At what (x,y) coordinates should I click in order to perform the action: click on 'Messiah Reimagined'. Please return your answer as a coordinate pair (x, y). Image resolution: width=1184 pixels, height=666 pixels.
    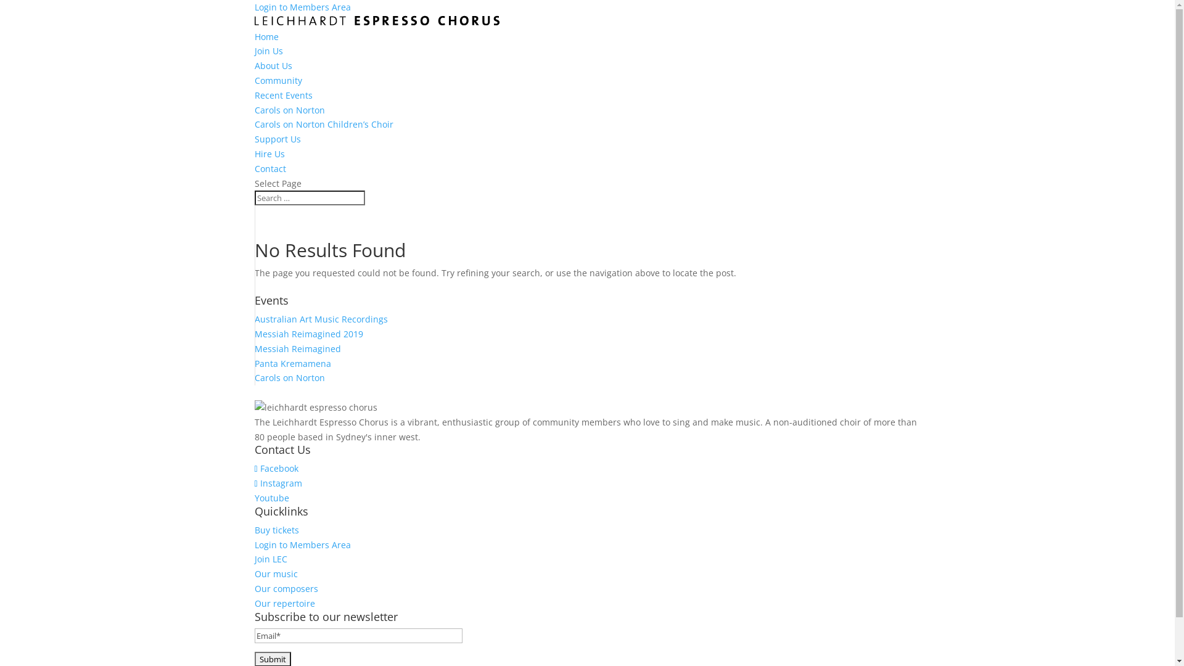
    Looking at the image, I should click on (253, 348).